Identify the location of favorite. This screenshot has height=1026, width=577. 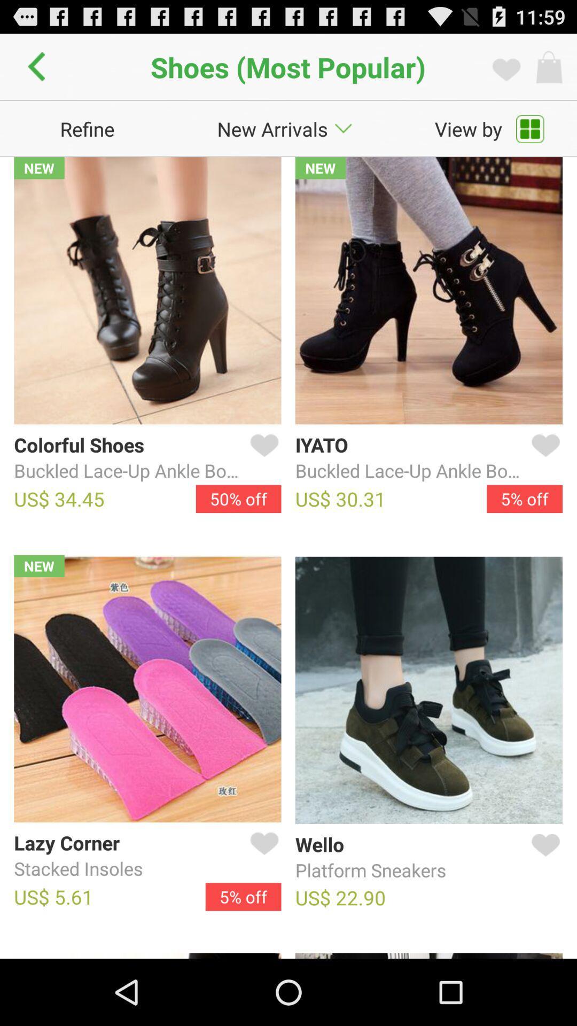
(262, 856).